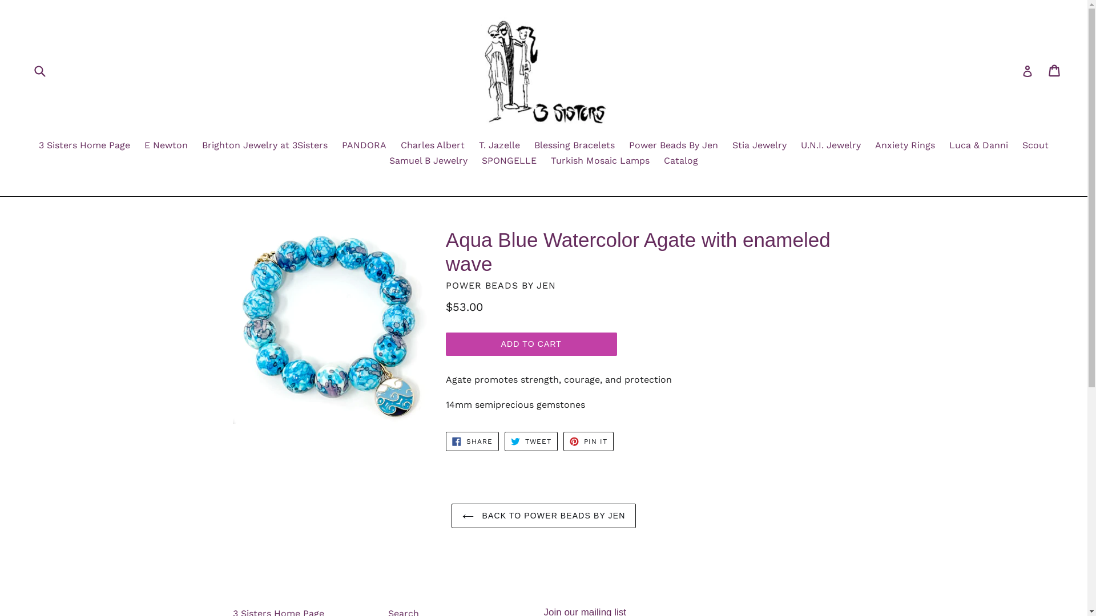 The image size is (1096, 616). I want to click on 'Anxiety Rings', so click(868, 145).